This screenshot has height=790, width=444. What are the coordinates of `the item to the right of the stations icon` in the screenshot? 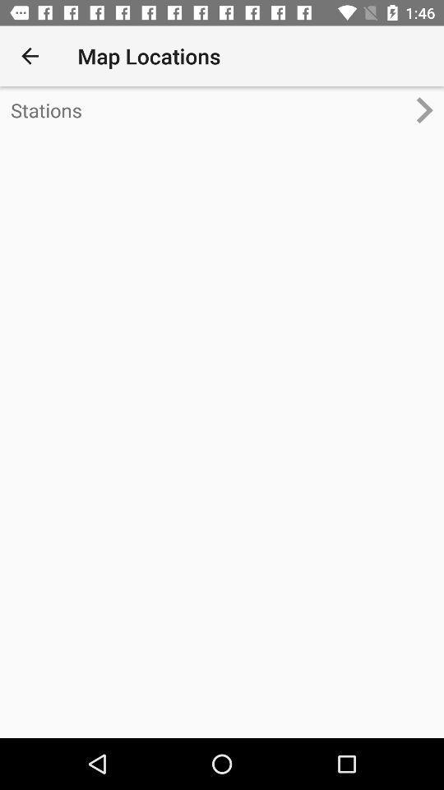 It's located at (430, 109).